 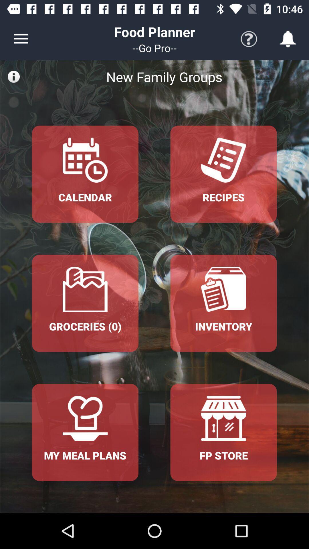 What do you see at coordinates (223, 432) in the screenshot?
I see `the fp store option` at bounding box center [223, 432].